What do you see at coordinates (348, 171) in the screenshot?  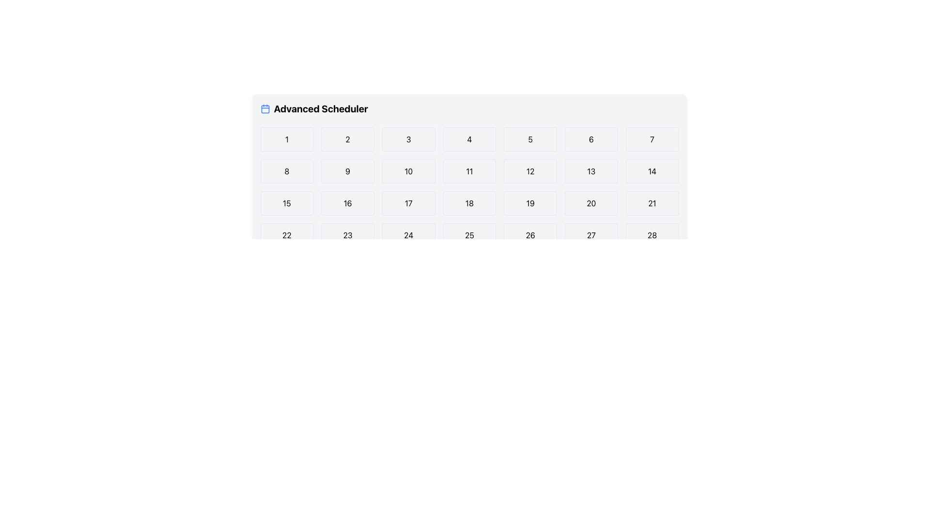 I see `the button displaying the numeral '9' in the second row and second column of the grid under 'Advanced Scheduler' for tooltips or highlights` at bounding box center [348, 171].